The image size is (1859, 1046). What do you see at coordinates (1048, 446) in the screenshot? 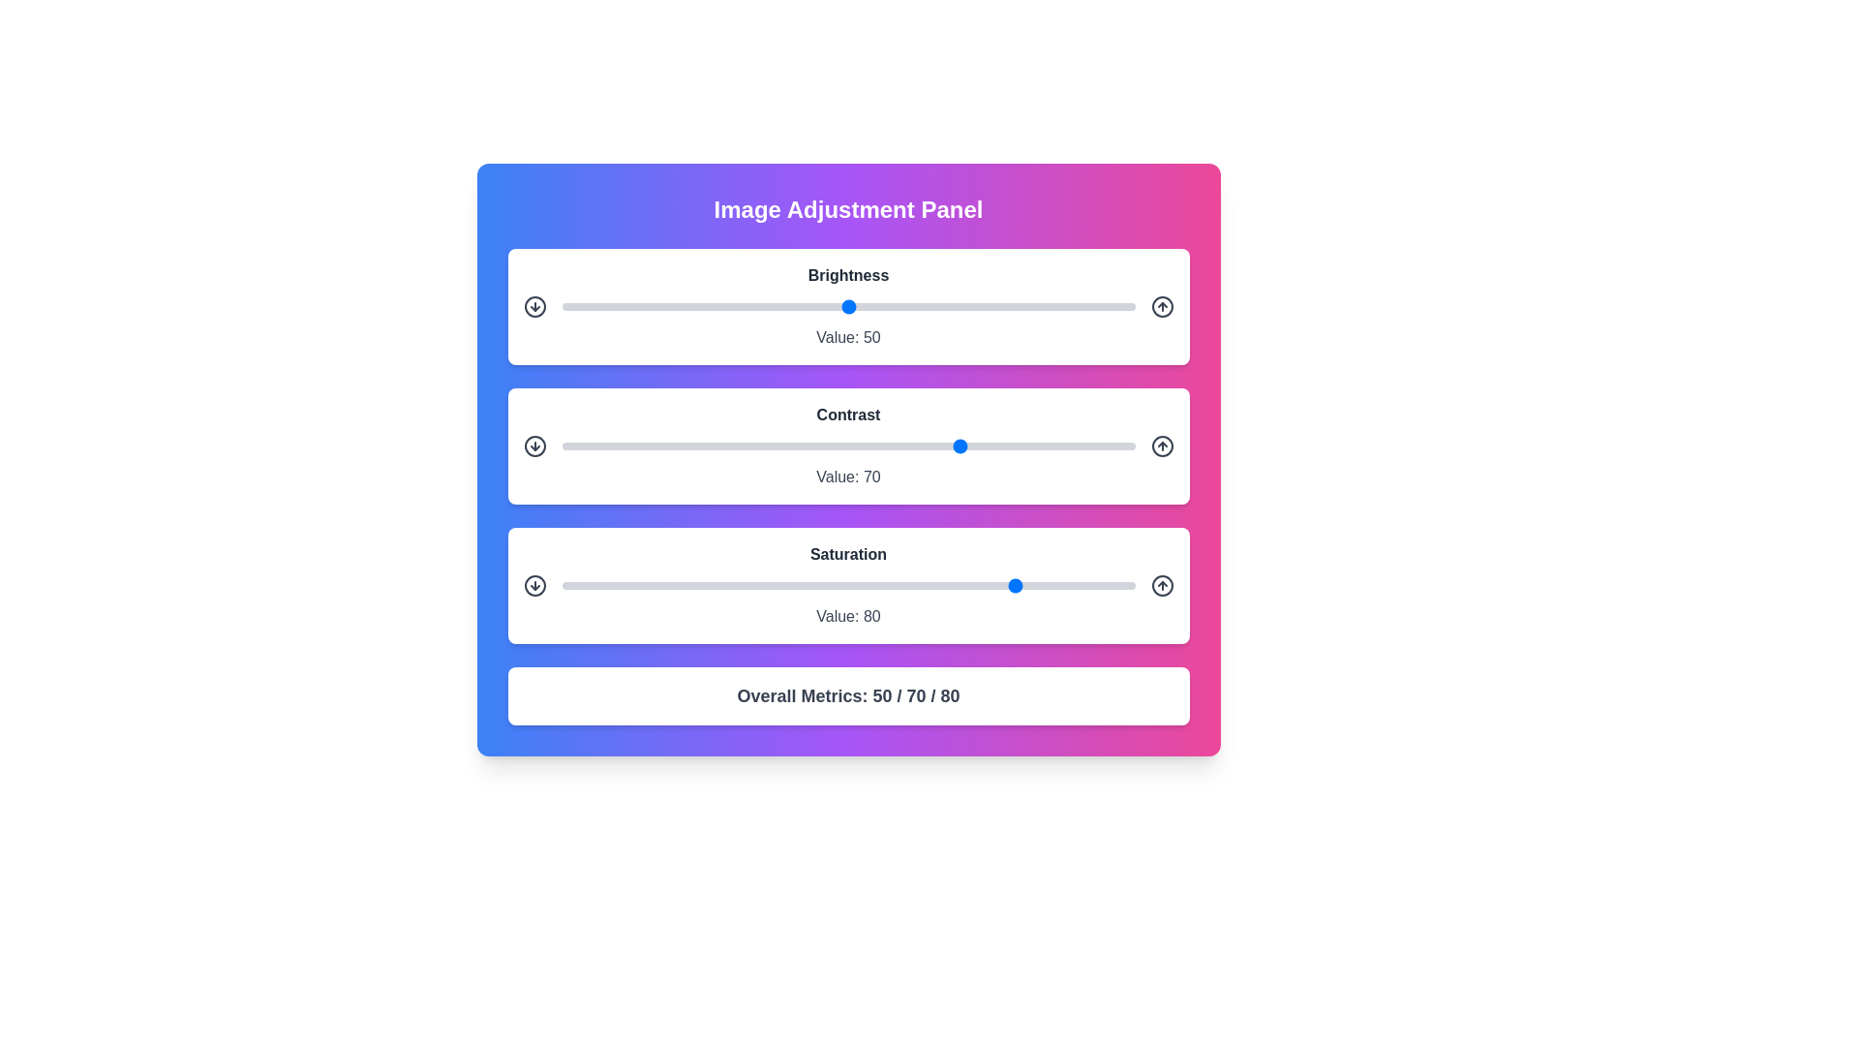
I see `contrast` at bounding box center [1048, 446].